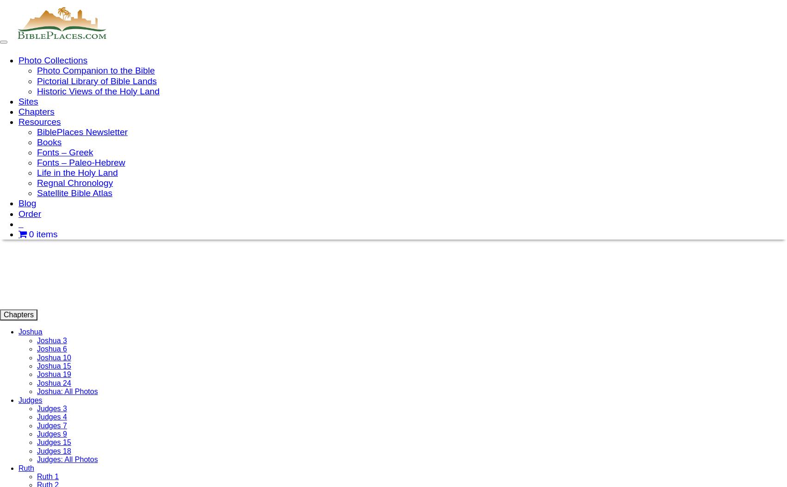 This screenshot has width=787, height=487. I want to click on 'Photo Collections', so click(53, 60).